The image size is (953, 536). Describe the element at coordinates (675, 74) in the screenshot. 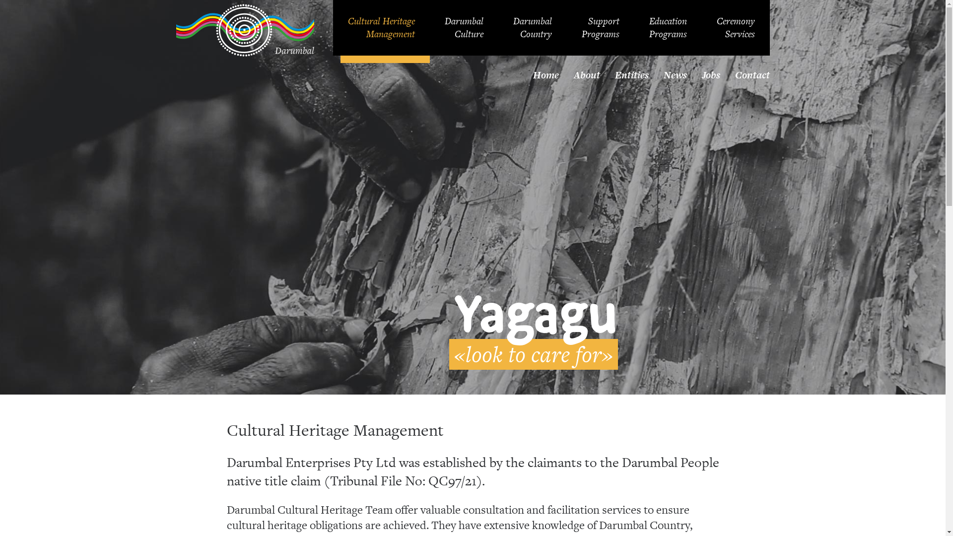

I see `'News'` at that location.